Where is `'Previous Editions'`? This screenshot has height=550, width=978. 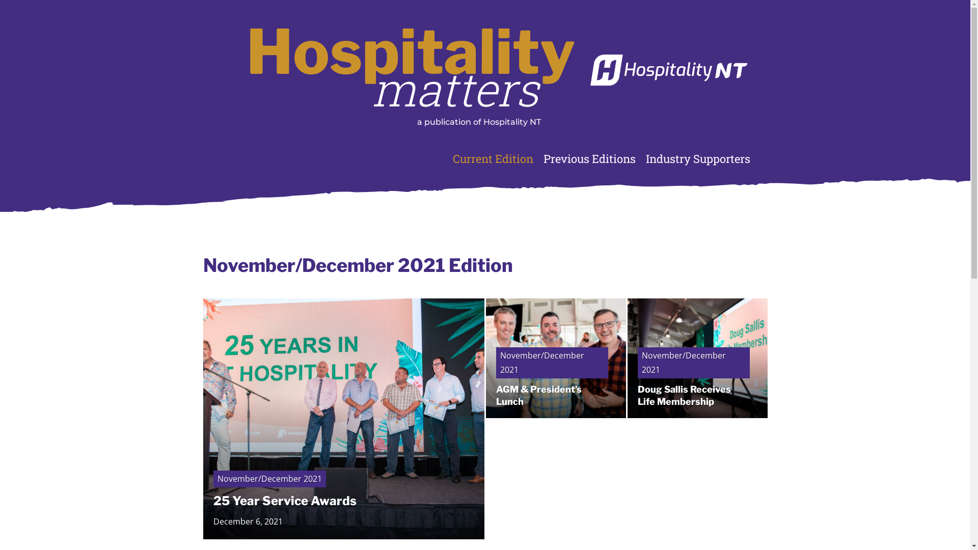
'Previous Editions' is located at coordinates (589, 159).